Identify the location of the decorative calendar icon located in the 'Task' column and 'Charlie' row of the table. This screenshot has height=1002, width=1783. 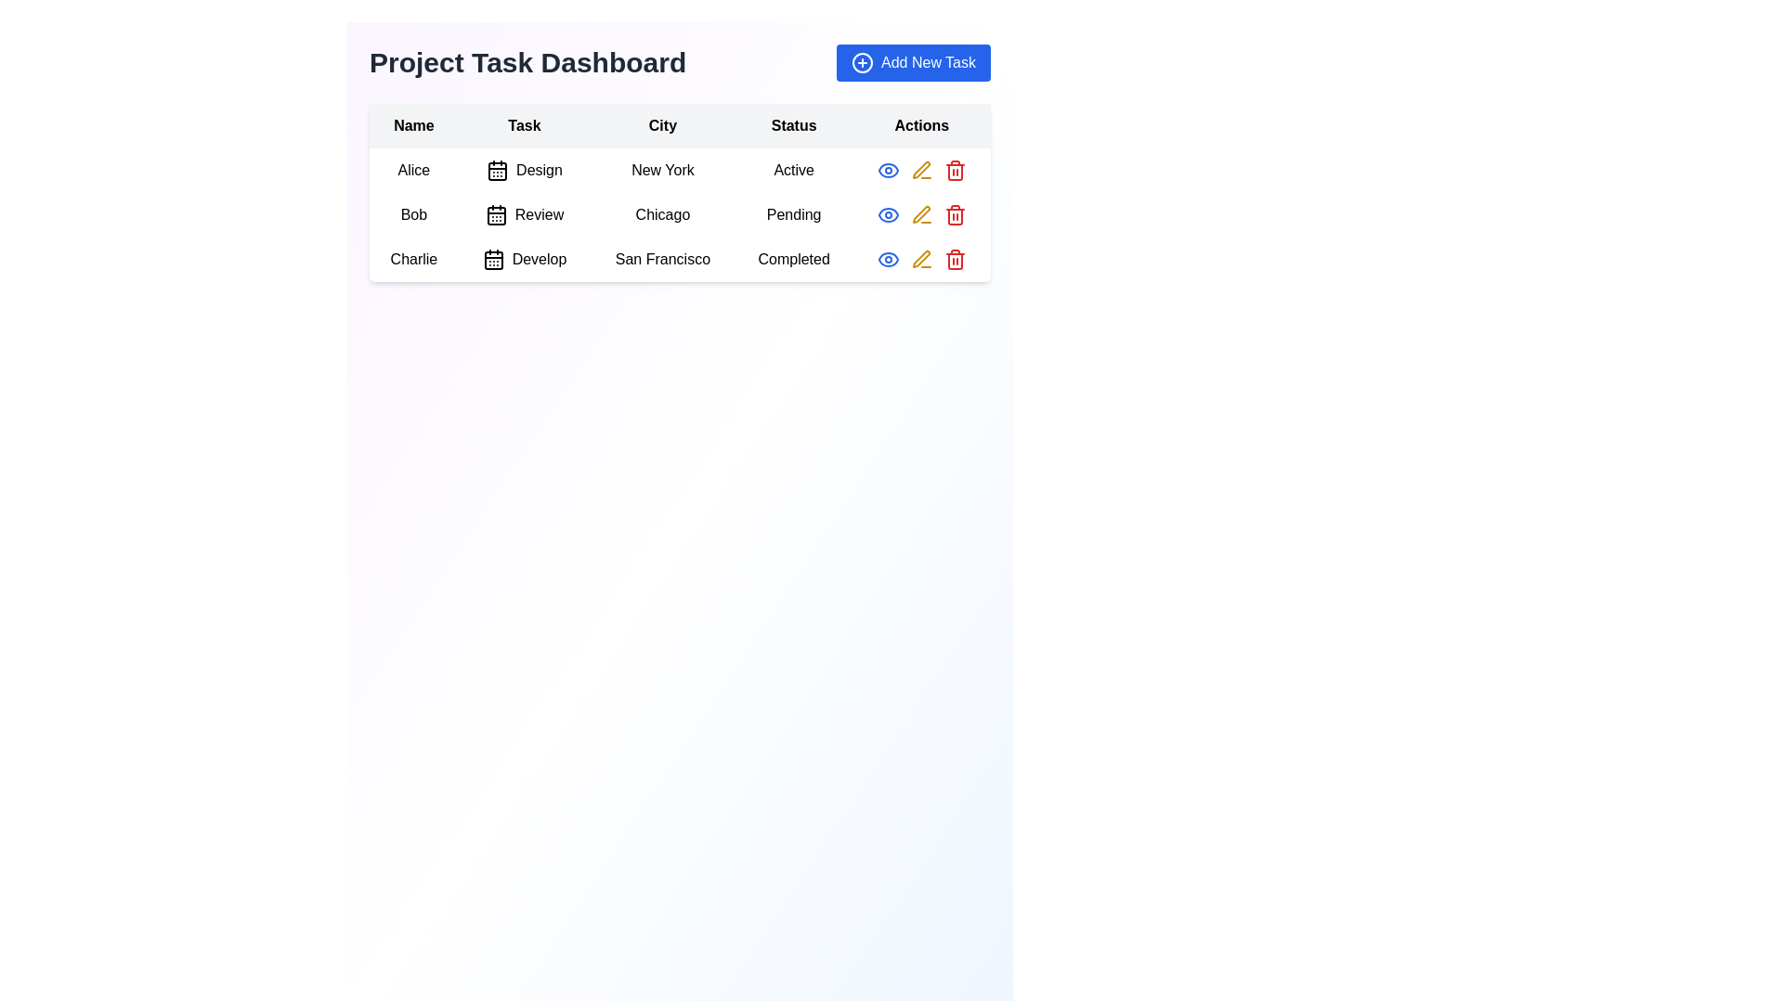
(493, 261).